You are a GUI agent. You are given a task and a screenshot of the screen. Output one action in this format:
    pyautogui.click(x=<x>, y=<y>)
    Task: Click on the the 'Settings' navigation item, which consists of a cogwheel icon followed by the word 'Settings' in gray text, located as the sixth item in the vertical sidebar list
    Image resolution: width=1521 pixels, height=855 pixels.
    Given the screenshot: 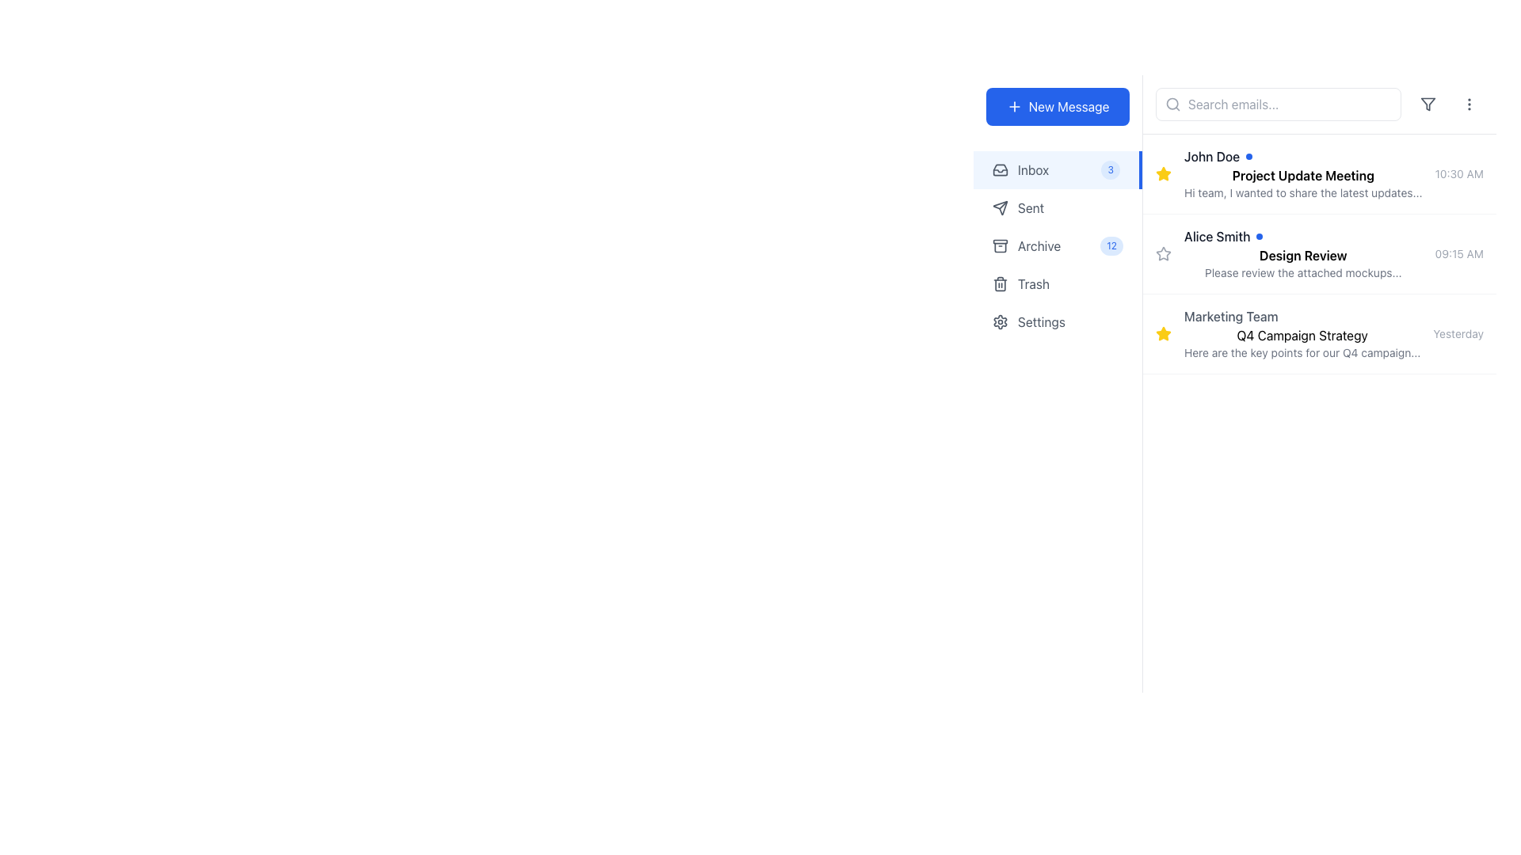 What is the action you would take?
    pyautogui.click(x=1058, y=321)
    